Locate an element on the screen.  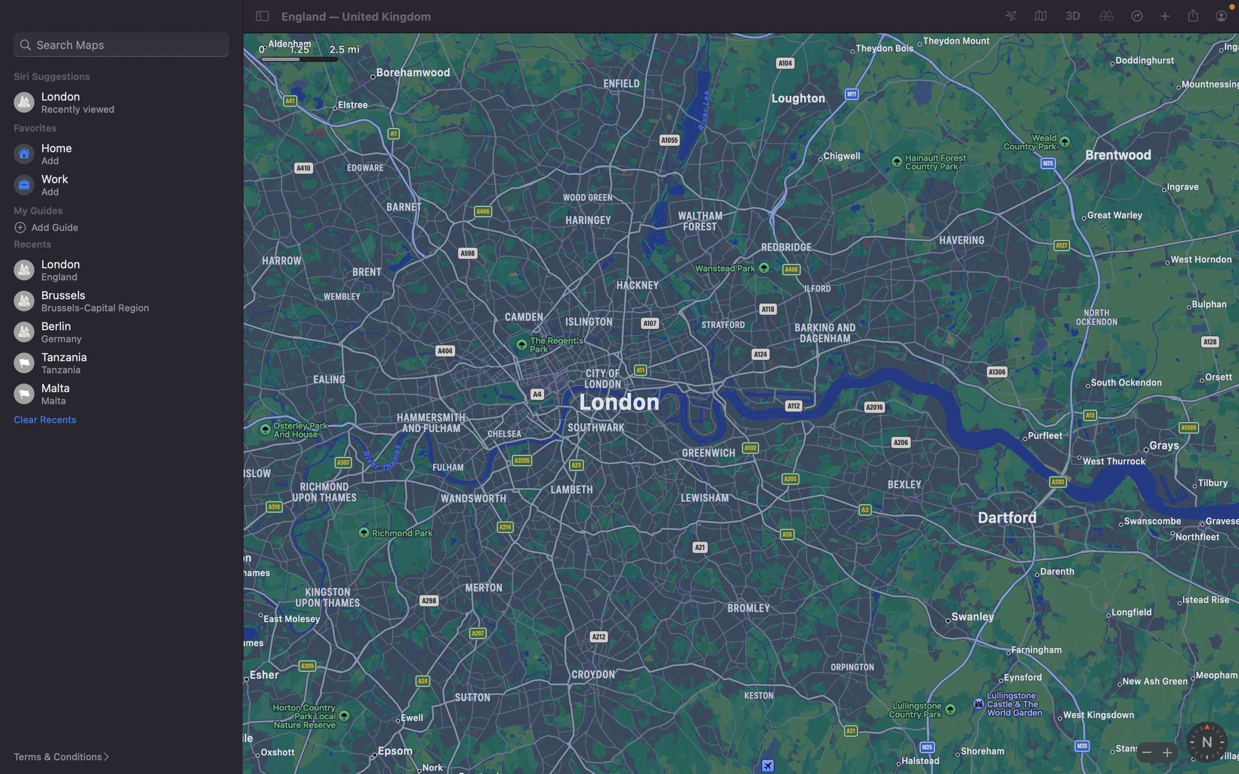
the map configuration to view from satellite imagery is located at coordinates (1039, 16).